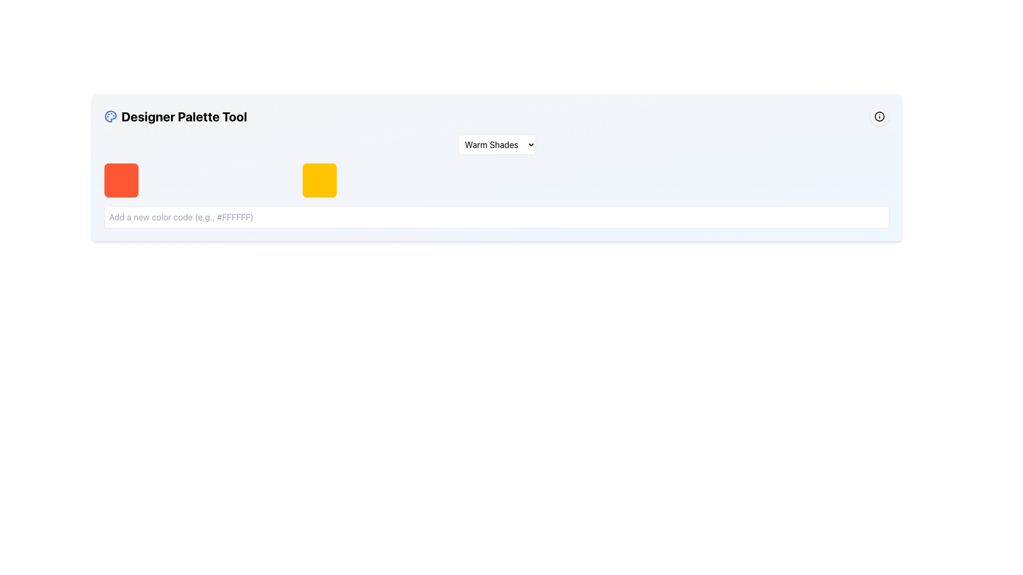  Describe the element at coordinates (175, 117) in the screenshot. I see `the text label styled with bold, large font that contains the text 'Designer Palette Tool', located in the header section adjacent to a blue palette icon` at that location.